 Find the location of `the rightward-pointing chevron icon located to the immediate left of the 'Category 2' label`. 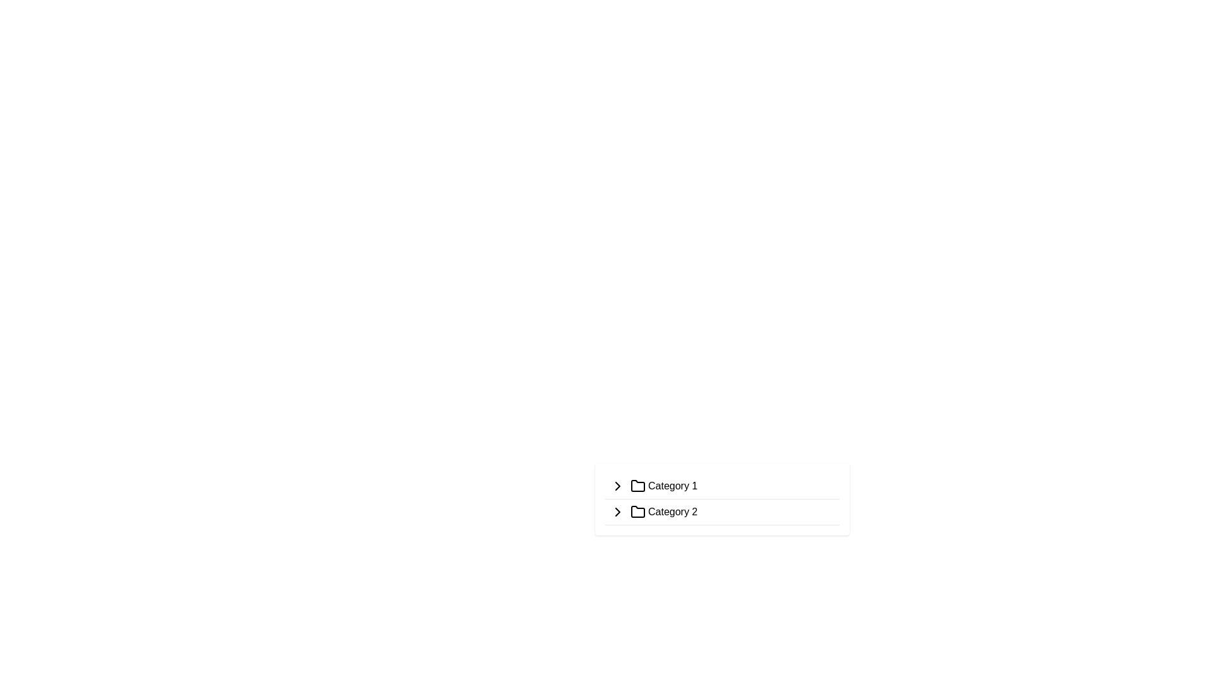

the rightward-pointing chevron icon located to the immediate left of the 'Category 2' label is located at coordinates (618, 512).